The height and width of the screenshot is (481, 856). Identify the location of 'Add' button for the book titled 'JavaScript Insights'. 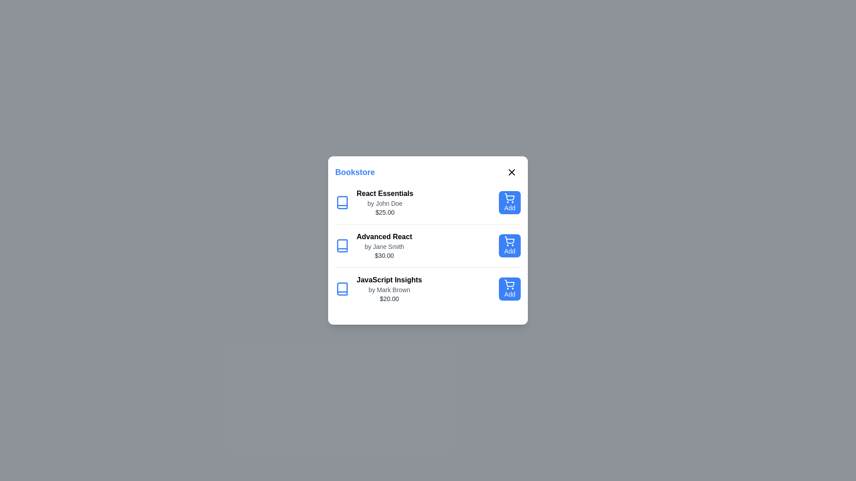
(510, 289).